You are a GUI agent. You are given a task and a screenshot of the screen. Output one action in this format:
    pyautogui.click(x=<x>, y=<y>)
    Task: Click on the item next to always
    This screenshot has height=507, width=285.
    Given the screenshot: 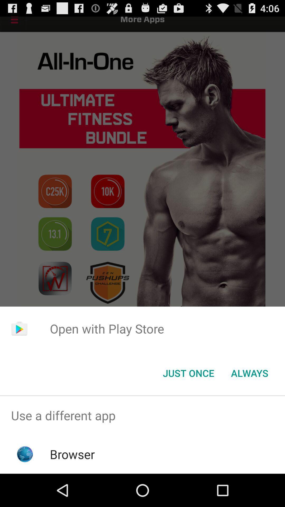 What is the action you would take?
    pyautogui.click(x=188, y=373)
    